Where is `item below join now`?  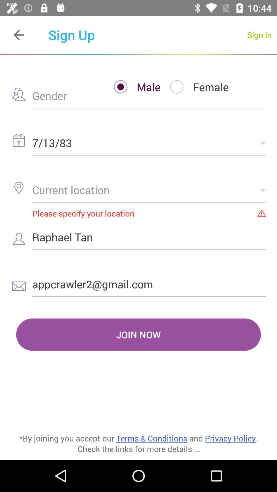 item below join now is located at coordinates (138, 405).